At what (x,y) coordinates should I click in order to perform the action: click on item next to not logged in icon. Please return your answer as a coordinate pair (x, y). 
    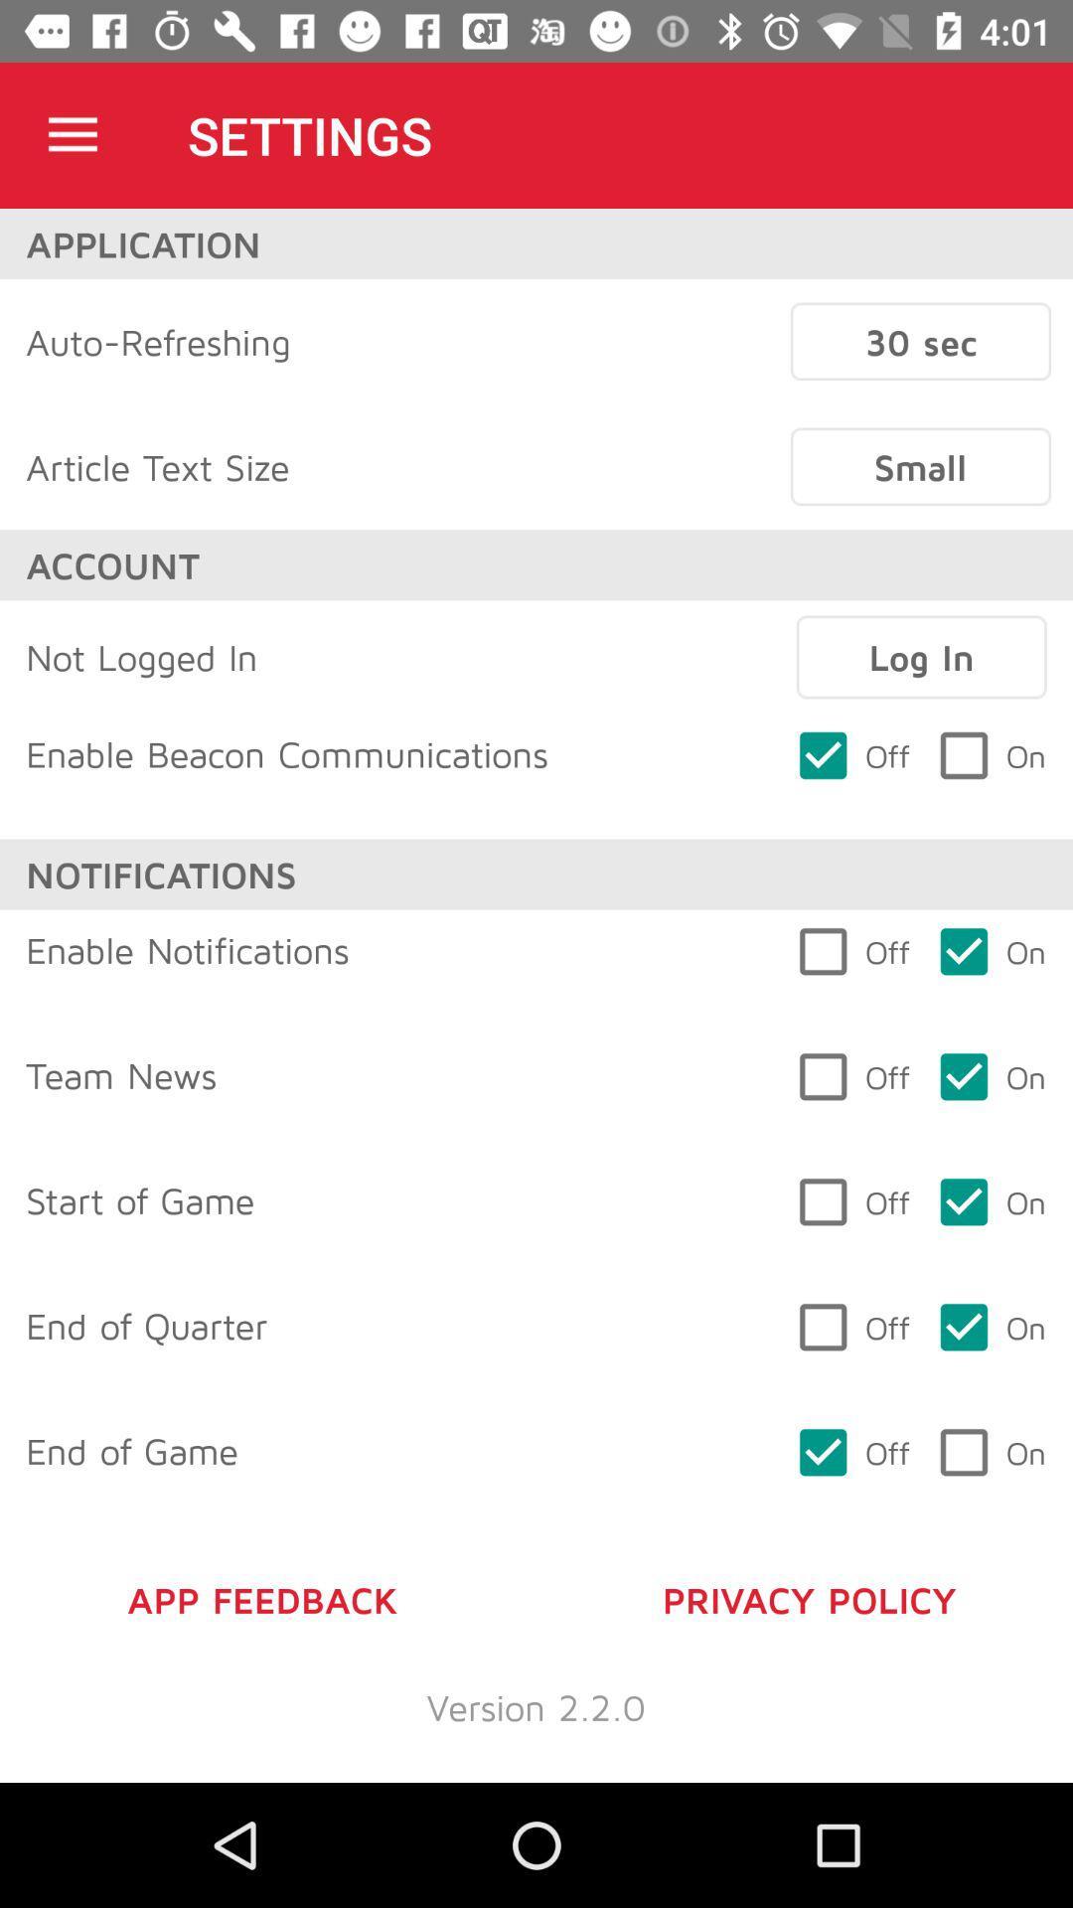
    Looking at the image, I should click on (921, 657).